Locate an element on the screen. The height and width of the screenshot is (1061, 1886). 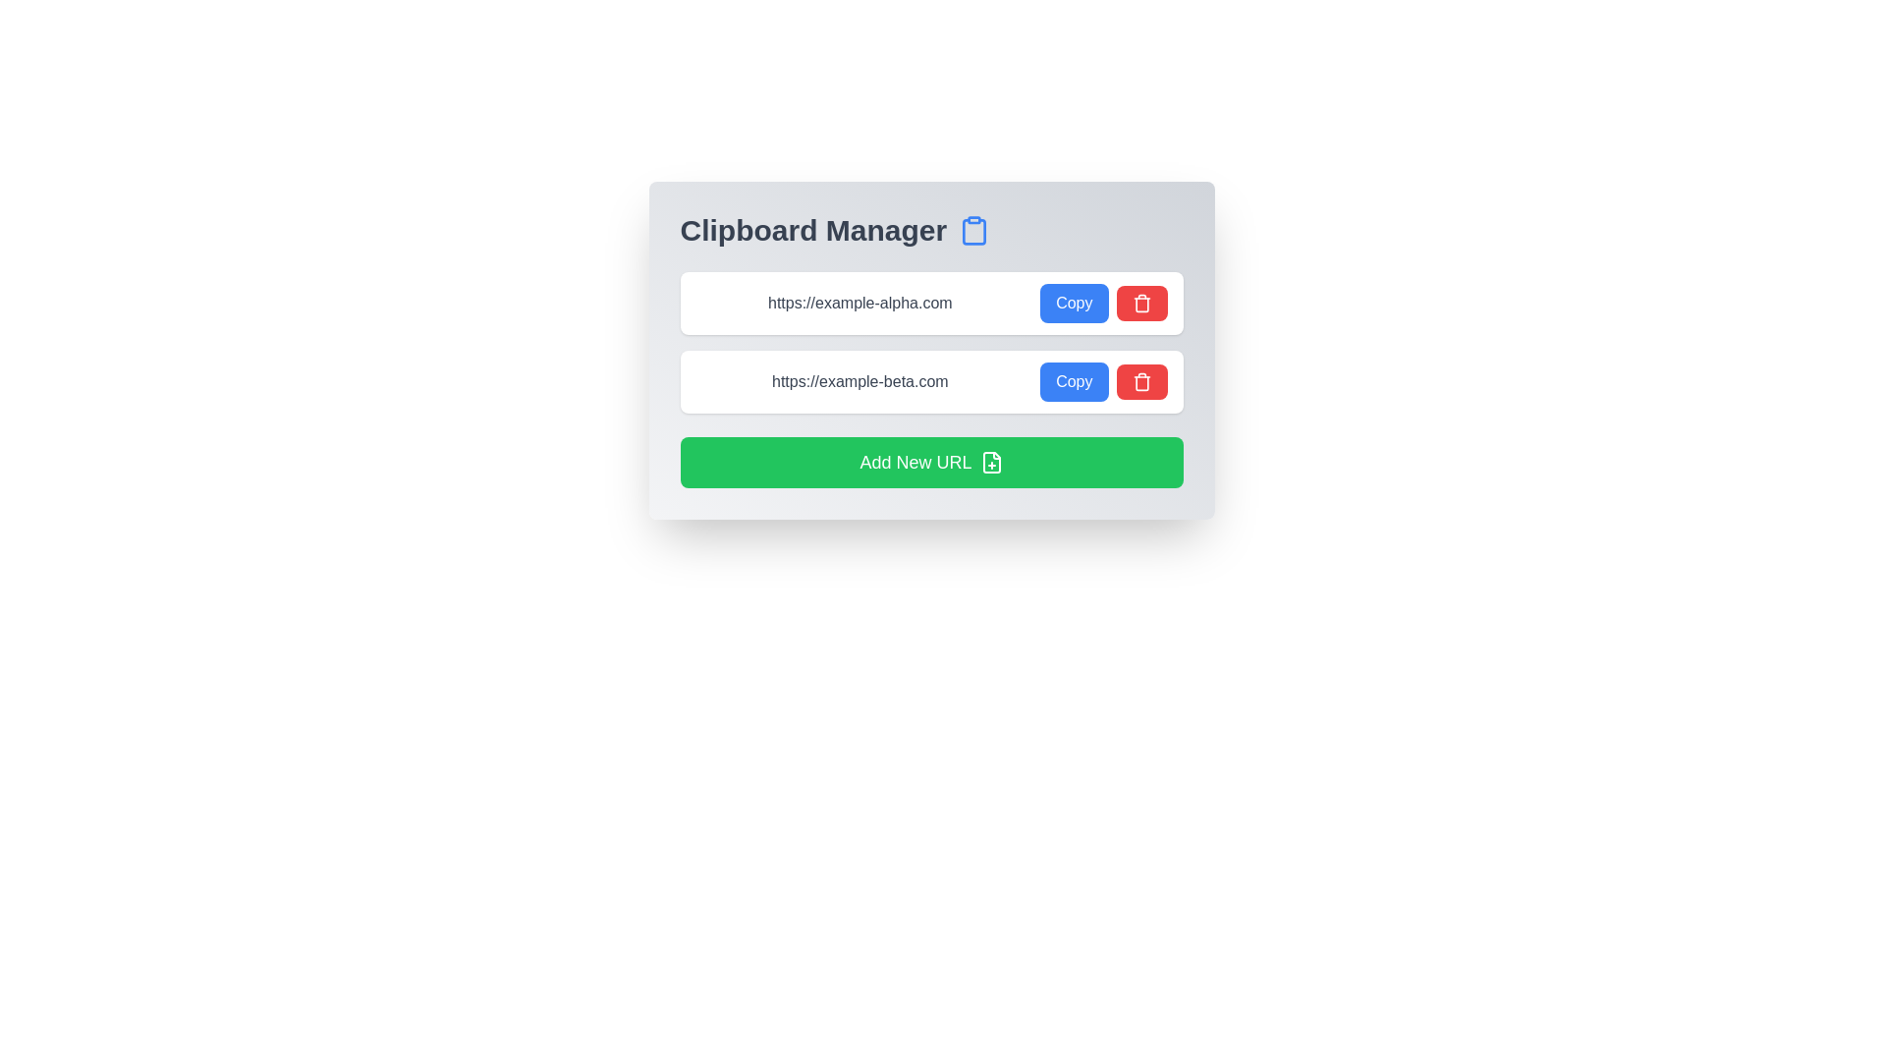
the small document icon with a plus sign on the green button labeled 'Add New URL' is located at coordinates (991, 462).